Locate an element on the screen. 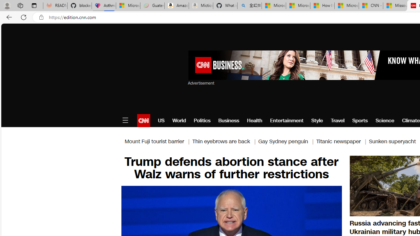  'World' is located at coordinates (179, 120).